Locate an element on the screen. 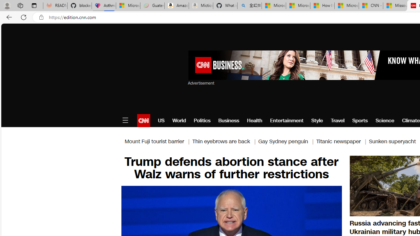  'World' is located at coordinates (179, 120).